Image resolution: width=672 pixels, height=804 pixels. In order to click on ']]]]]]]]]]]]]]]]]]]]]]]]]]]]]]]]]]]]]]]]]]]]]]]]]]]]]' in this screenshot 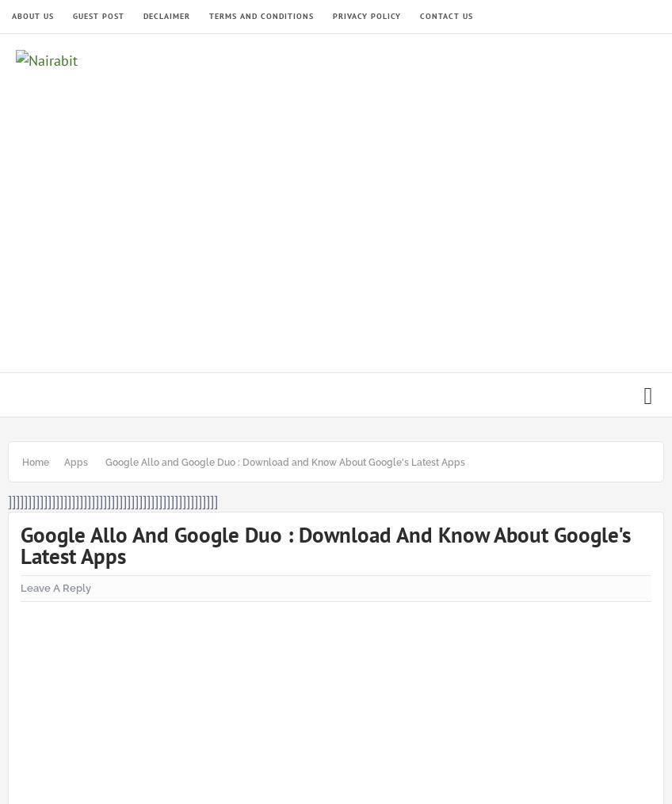, I will do `click(112, 499)`.